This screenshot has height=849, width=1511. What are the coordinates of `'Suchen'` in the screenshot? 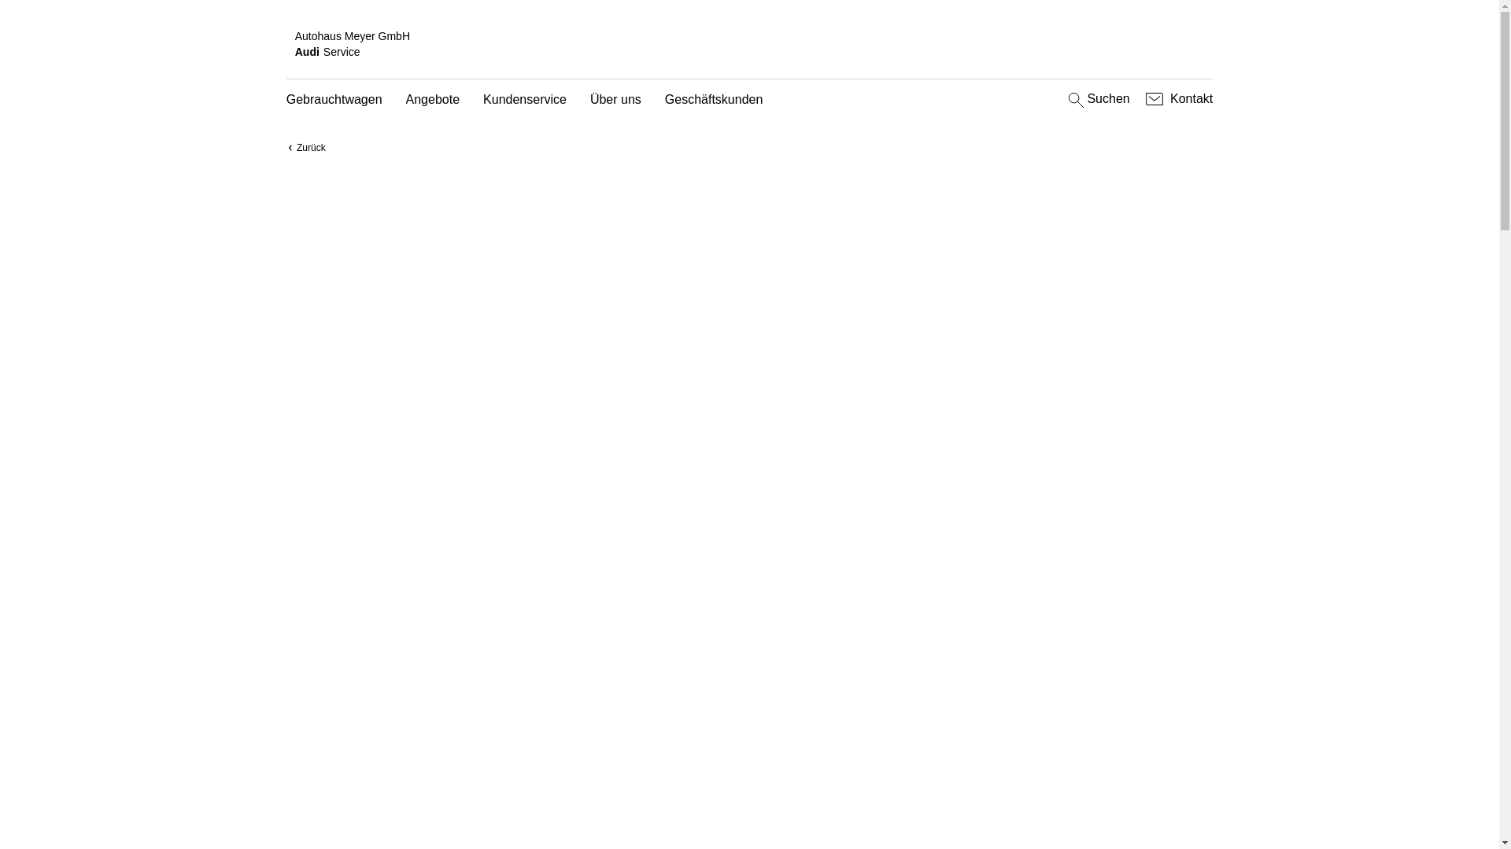 It's located at (1095, 99).